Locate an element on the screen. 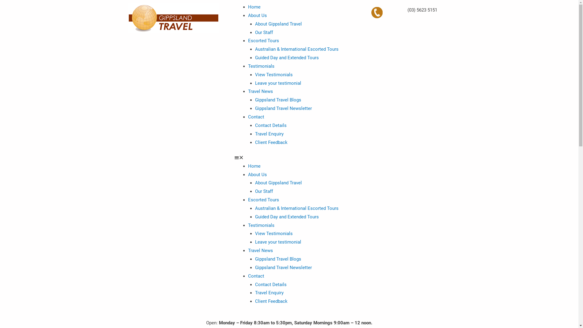 The width and height of the screenshot is (583, 328). 'Testimonials' is located at coordinates (261, 225).